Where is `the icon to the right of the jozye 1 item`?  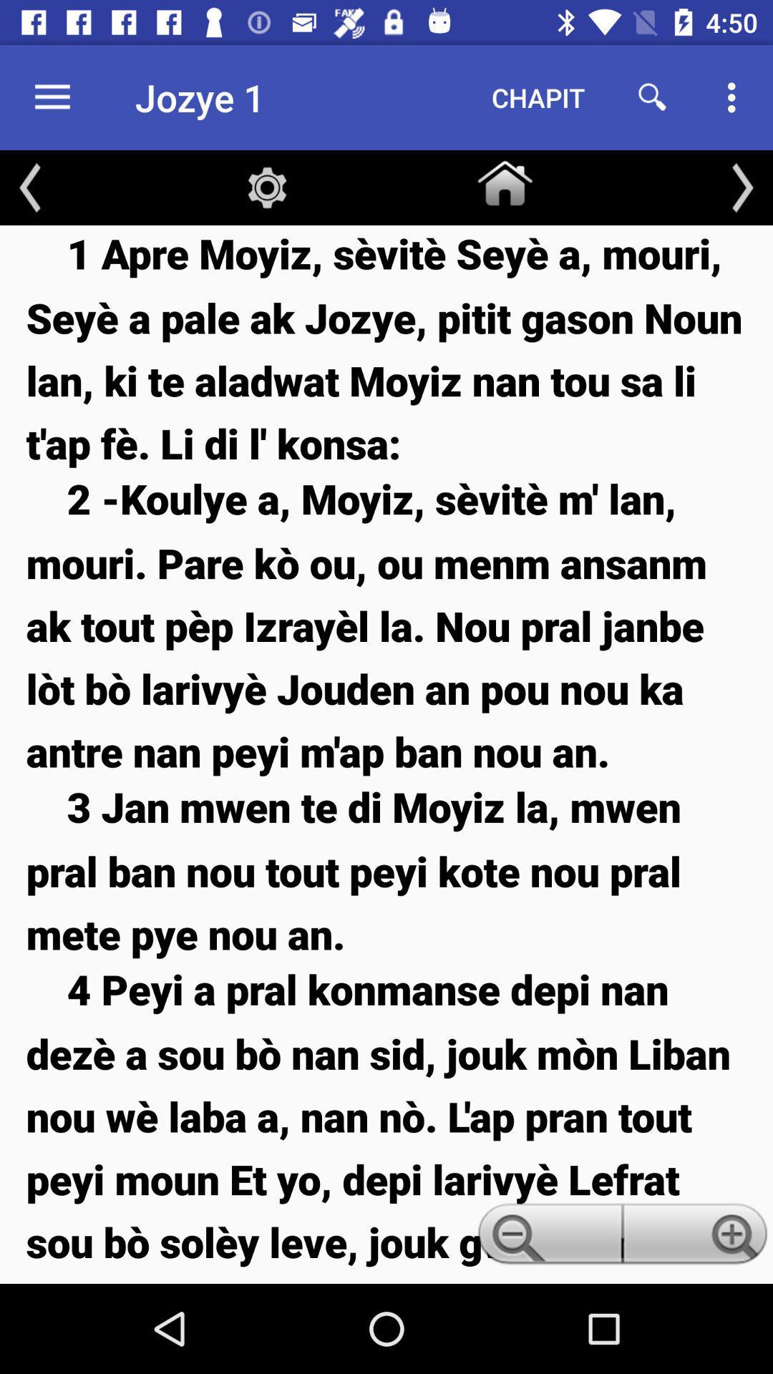
the icon to the right of the jozye 1 item is located at coordinates (538, 97).